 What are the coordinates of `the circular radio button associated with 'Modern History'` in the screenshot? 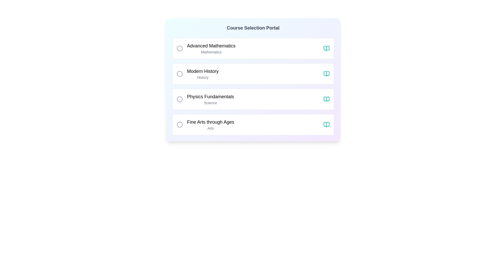 It's located at (179, 74).